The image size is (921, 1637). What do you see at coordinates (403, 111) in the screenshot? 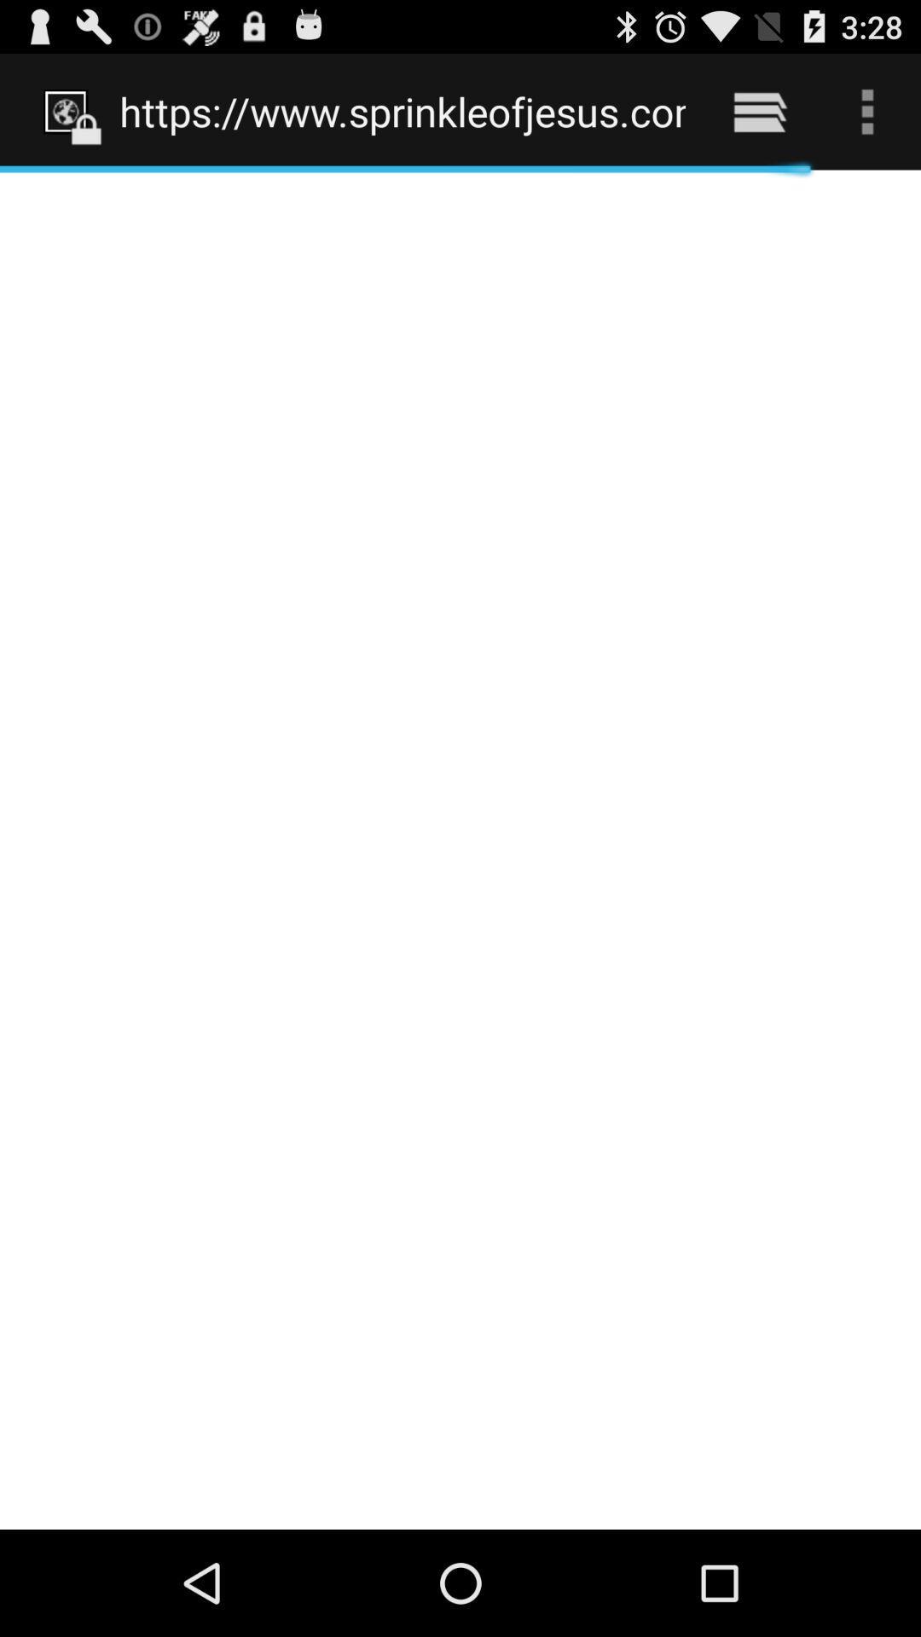
I see `the https www sprinkleofjesus item` at bounding box center [403, 111].